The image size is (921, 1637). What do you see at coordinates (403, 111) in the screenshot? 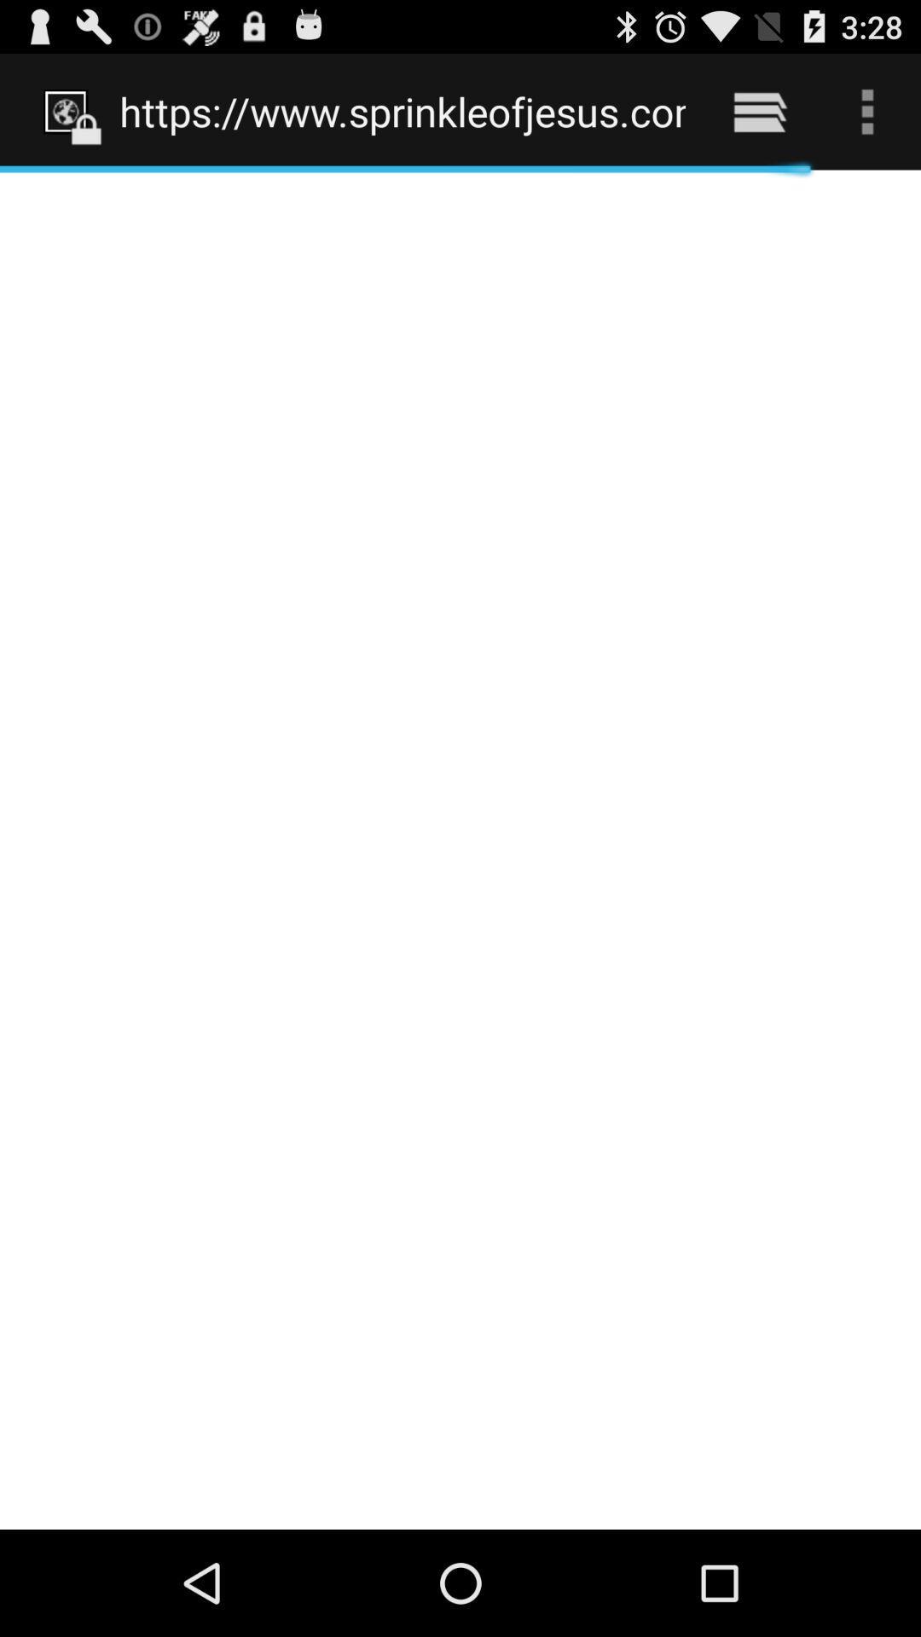
I see `the https www sprinkleofjesus item` at bounding box center [403, 111].